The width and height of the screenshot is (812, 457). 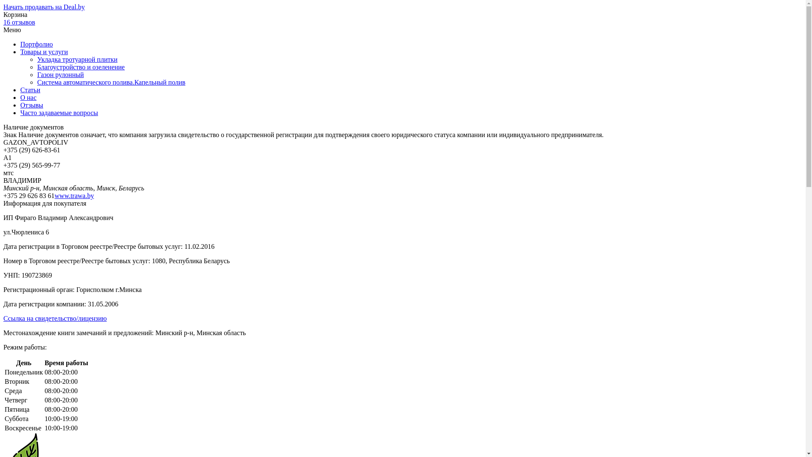 I want to click on 'www.trawa.by', so click(x=74, y=195).